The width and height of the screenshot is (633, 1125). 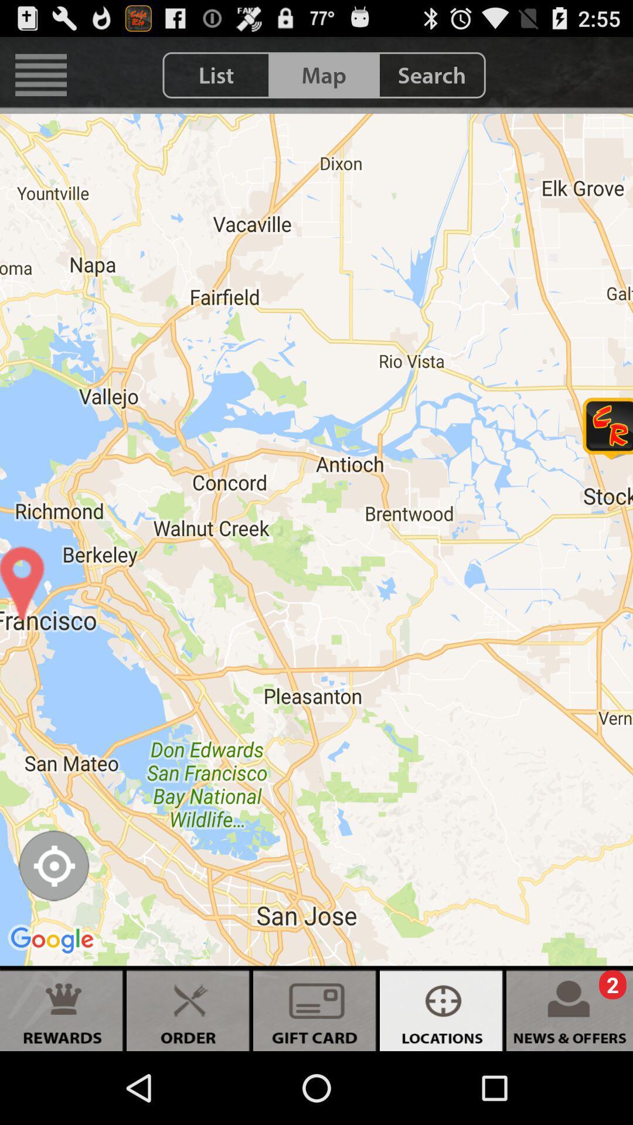 What do you see at coordinates (40, 80) in the screenshot?
I see `the menu icon` at bounding box center [40, 80].